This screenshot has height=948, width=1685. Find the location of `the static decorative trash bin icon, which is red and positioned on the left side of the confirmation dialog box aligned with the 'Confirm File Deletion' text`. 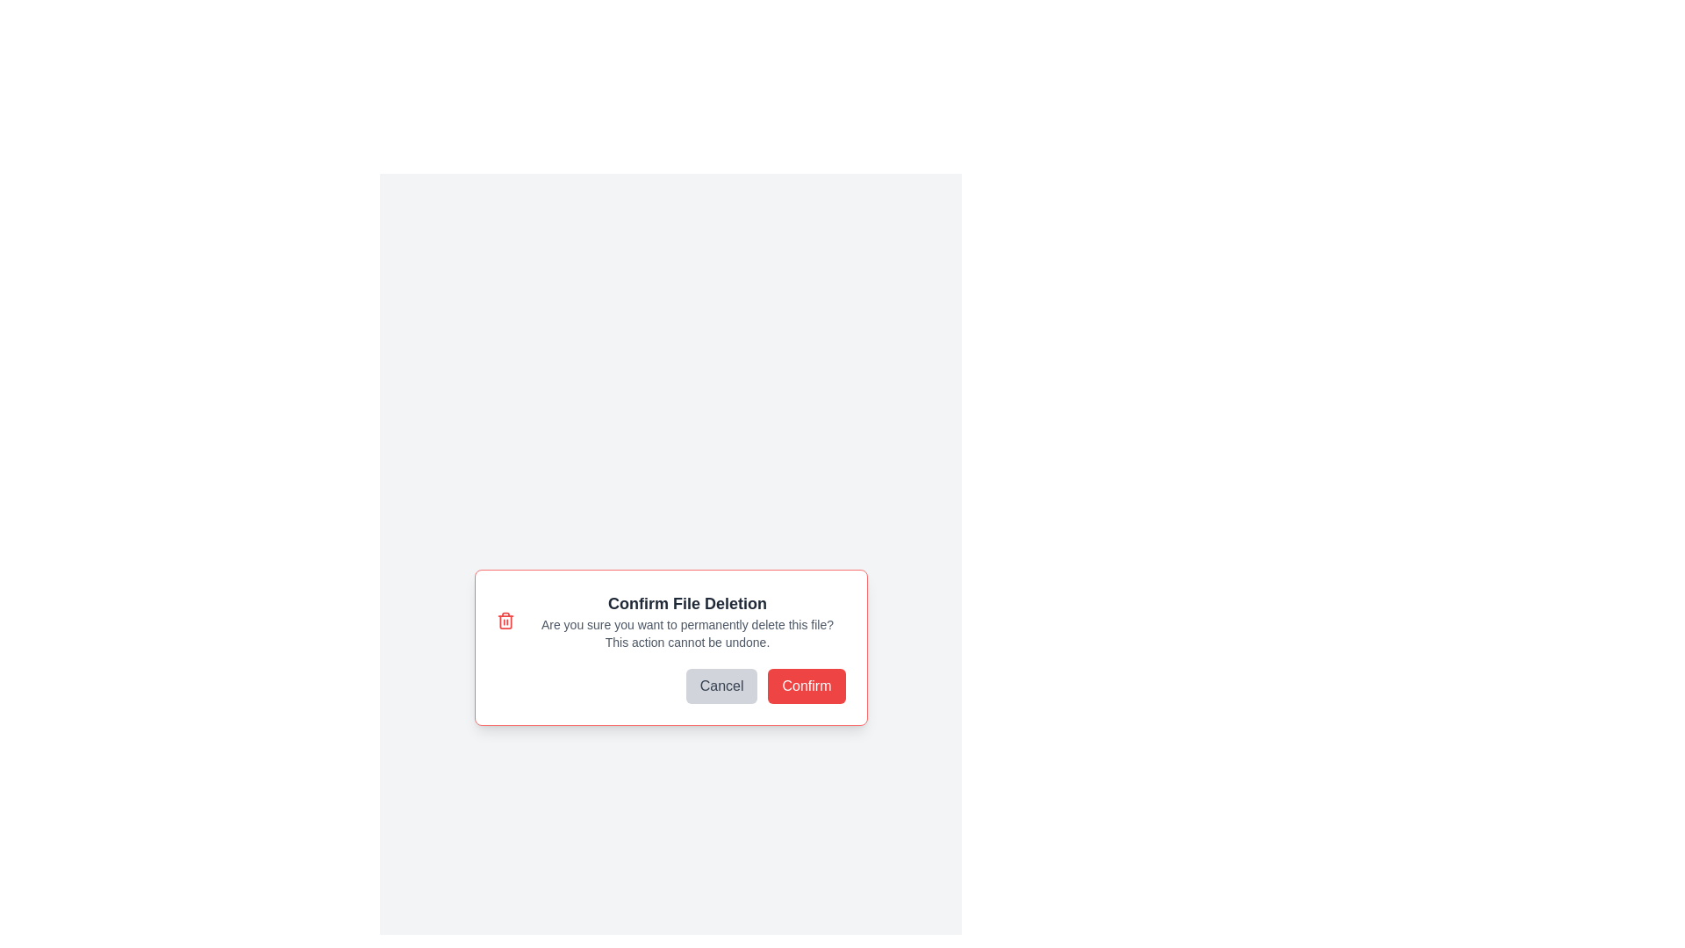

the static decorative trash bin icon, which is red and positioned on the left side of the confirmation dialog box aligned with the 'Confirm File Deletion' text is located at coordinates (505, 621).